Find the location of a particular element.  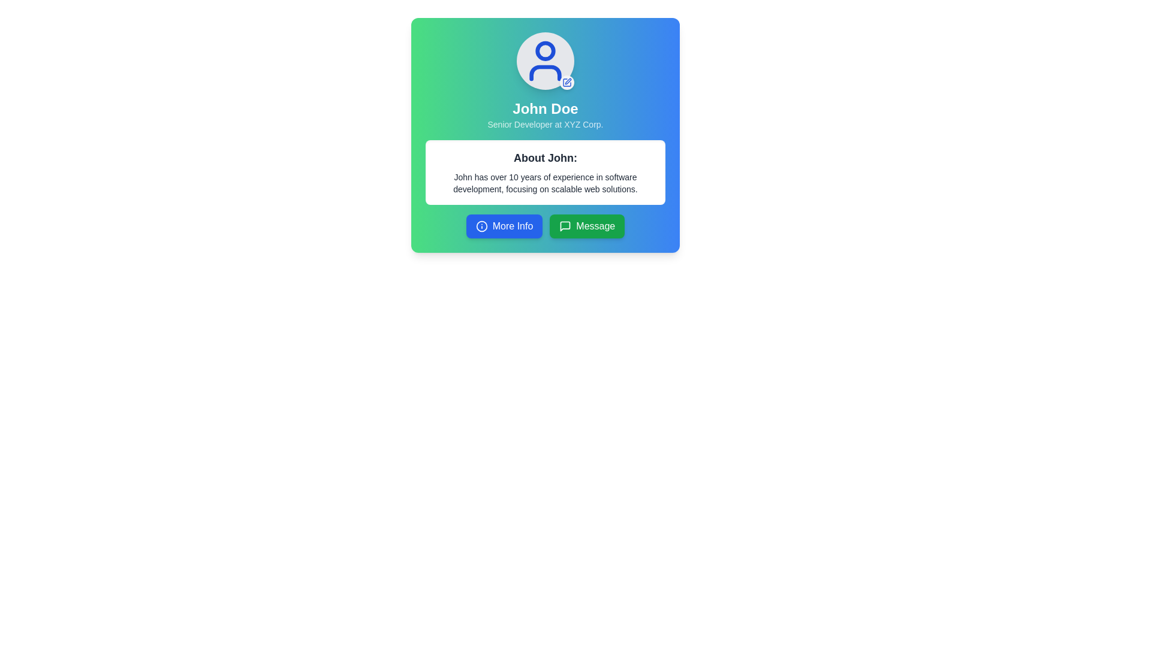

the static text element that indicates the role and company associated with the individual, located within a blue and green gradient card below the title 'John Doe' is located at coordinates (545, 125).